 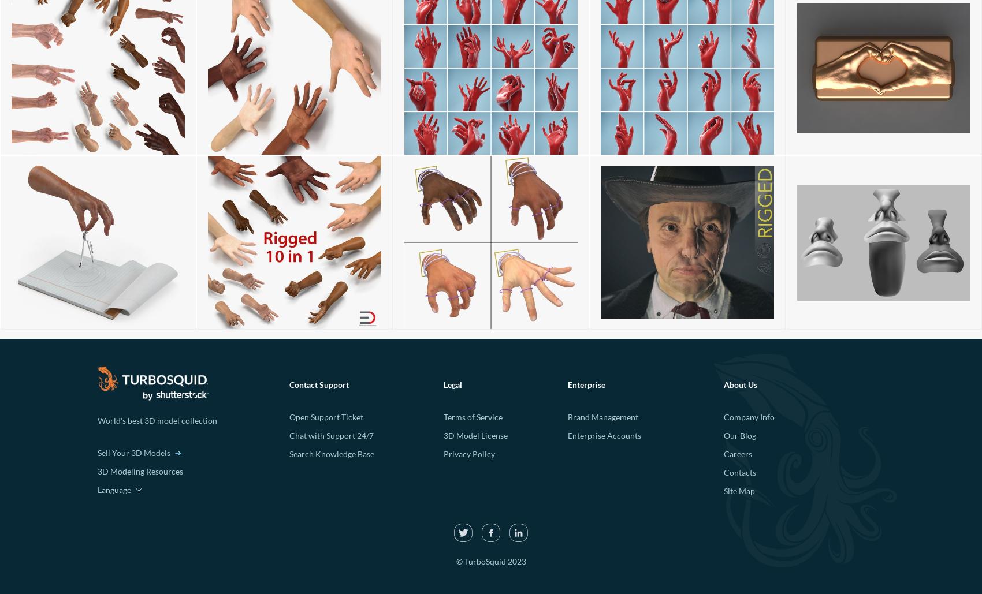 I want to click on '© TurboSquid 2023', so click(x=490, y=561).